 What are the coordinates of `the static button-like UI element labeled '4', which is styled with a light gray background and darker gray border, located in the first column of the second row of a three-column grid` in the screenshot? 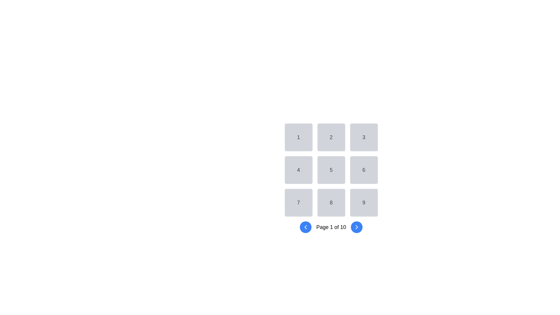 It's located at (298, 170).